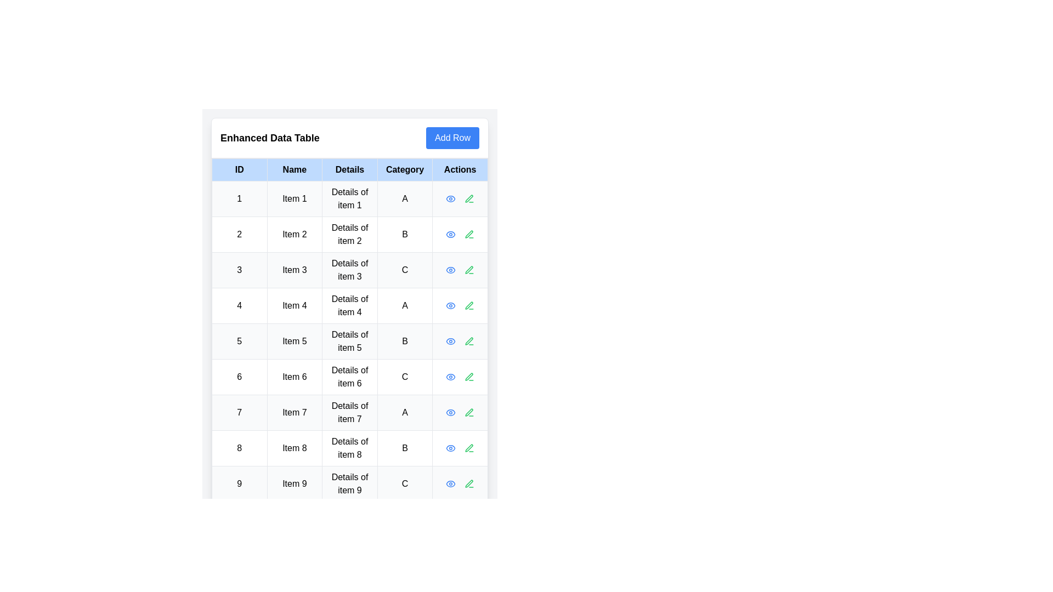  What do you see at coordinates (404, 448) in the screenshot?
I see `the static text field that displays the categorical value 'B' in the 8th row of the table under the 'Category' column` at bounding box center [404, 448].